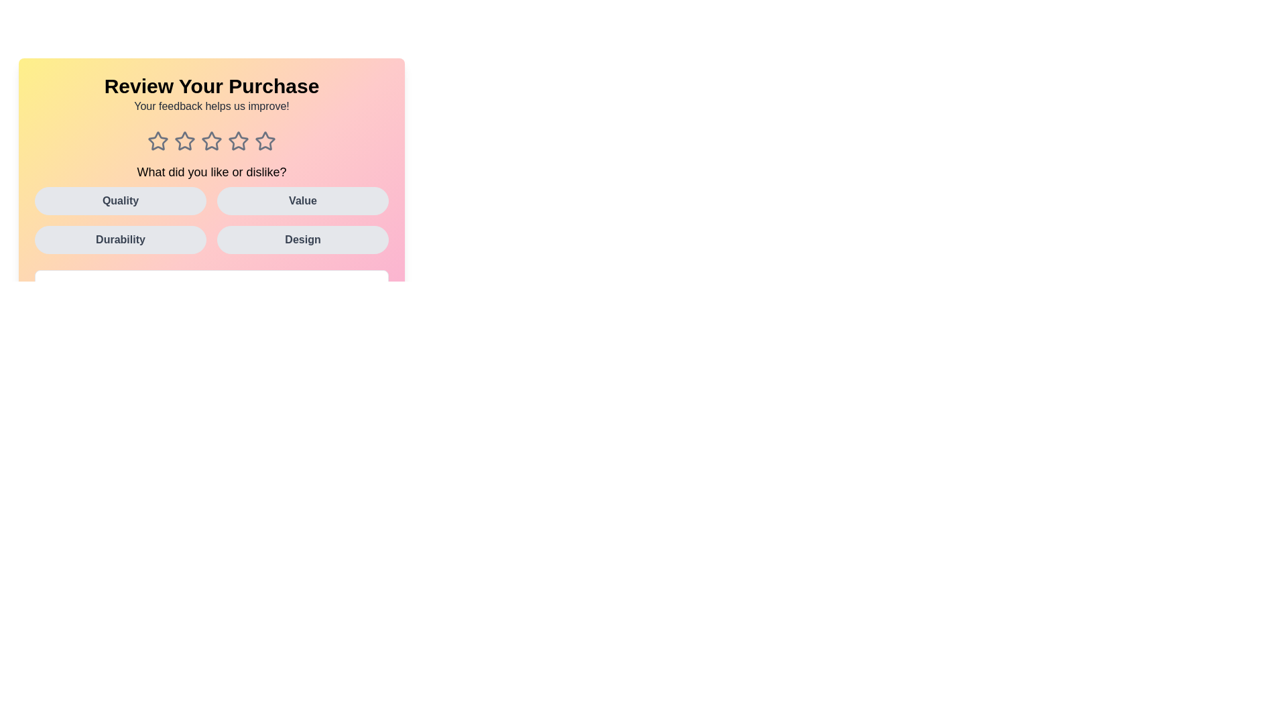 The image size is (1287, 724). Describe the element at coordinates (211, 141) in the screenshot. I see `the third star icon in the rating system` at that location.